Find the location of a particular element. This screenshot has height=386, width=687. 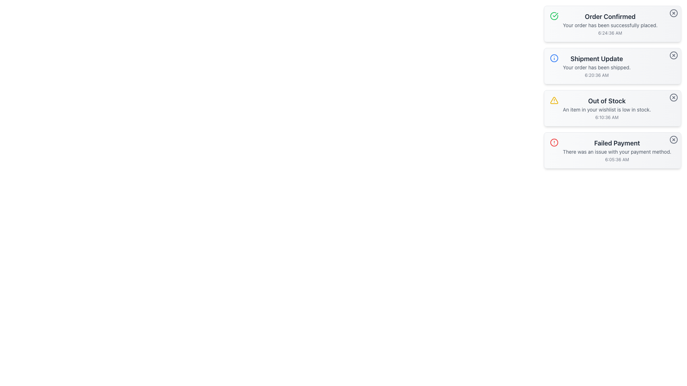

the dismiss button located in the upper-right corner of the 'Out of Stock' notification is located at coordinates (673, 98).